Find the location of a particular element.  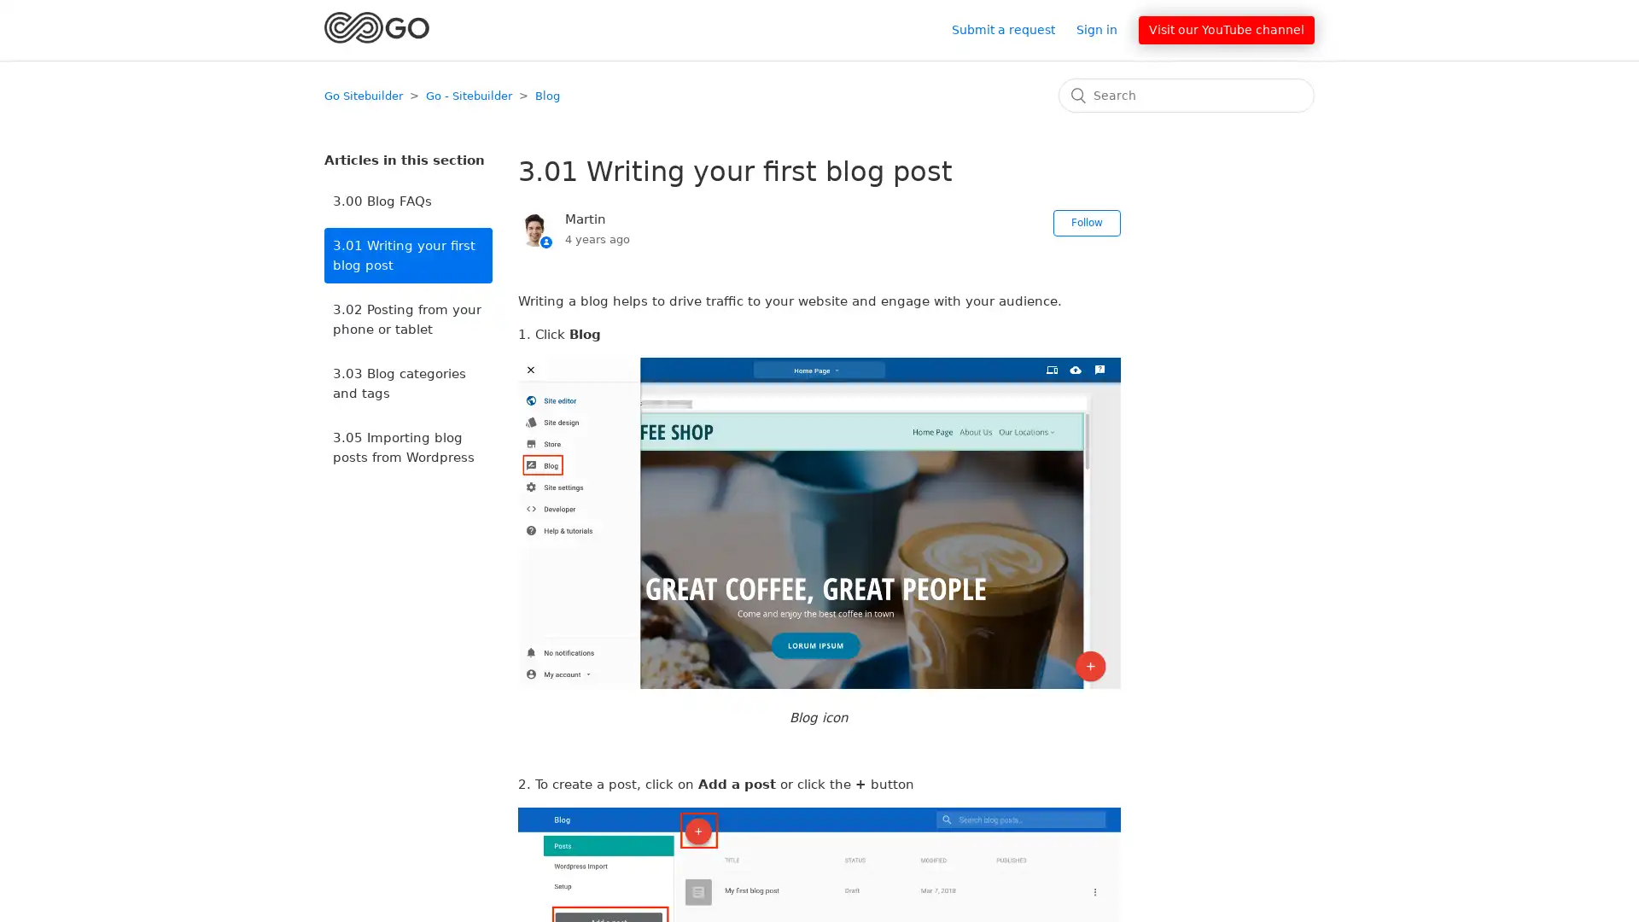

Sign in is located at coordinates (1105, 29).